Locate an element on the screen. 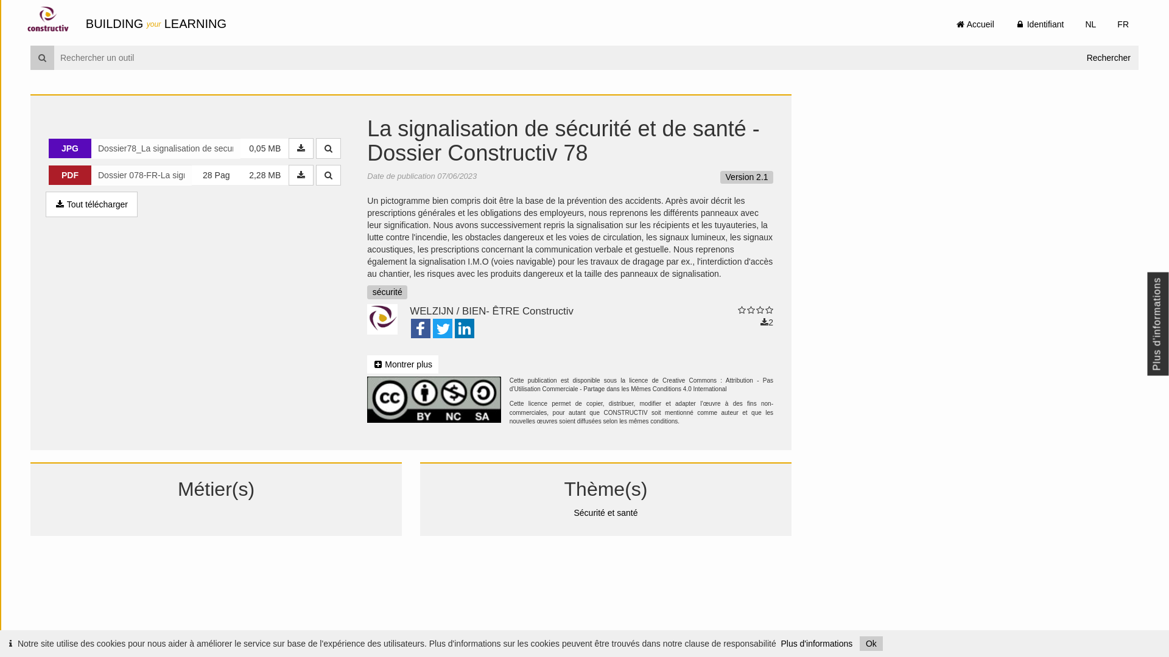 The height and width of the screenshot is (657, 1169). '0,05 MB' is located at coordinates (240, 147).